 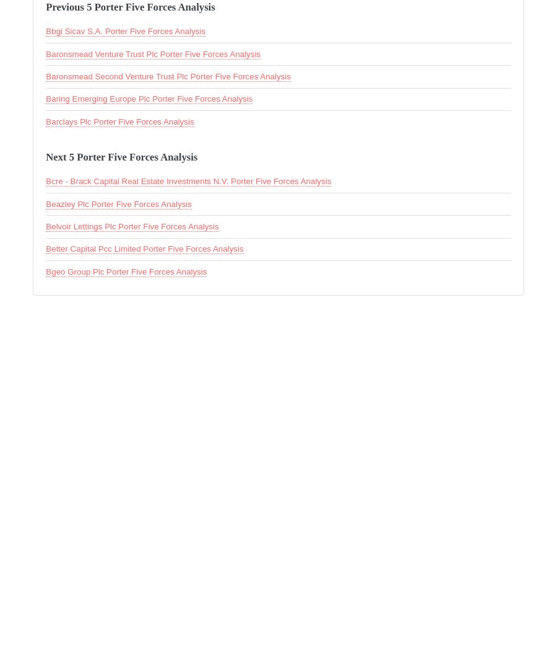 I want to click on 'Better Capital Pcc Limited Porter Five Forces Analysis', so click(x=144, y=248).